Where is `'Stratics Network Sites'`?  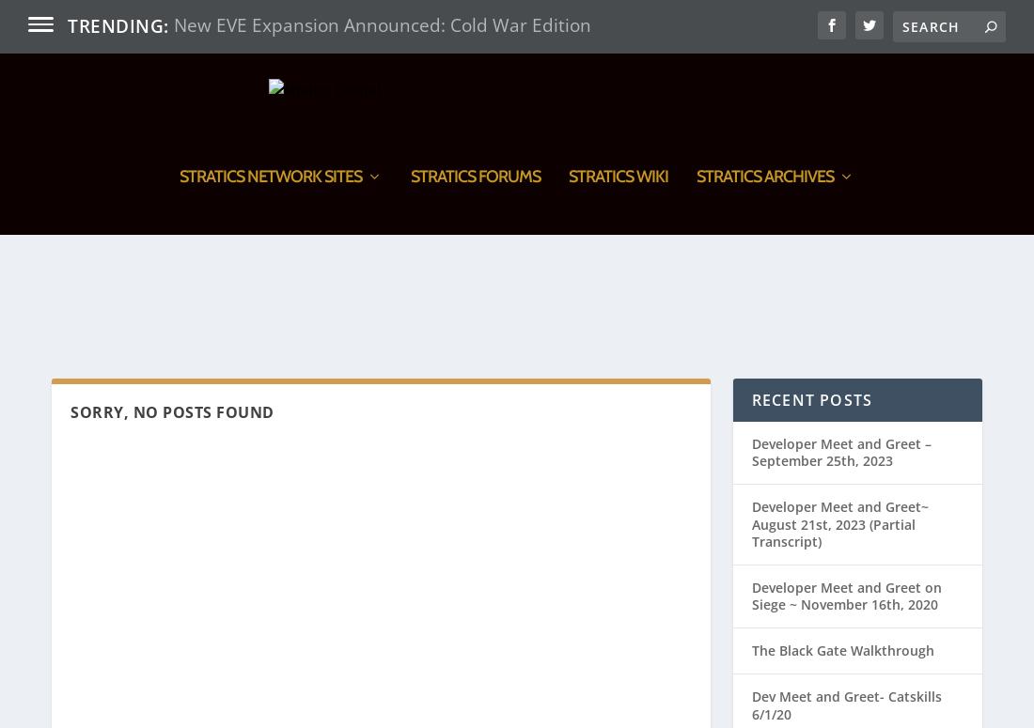 'Stratics Network Sites' is located at coordinates (178, 279).